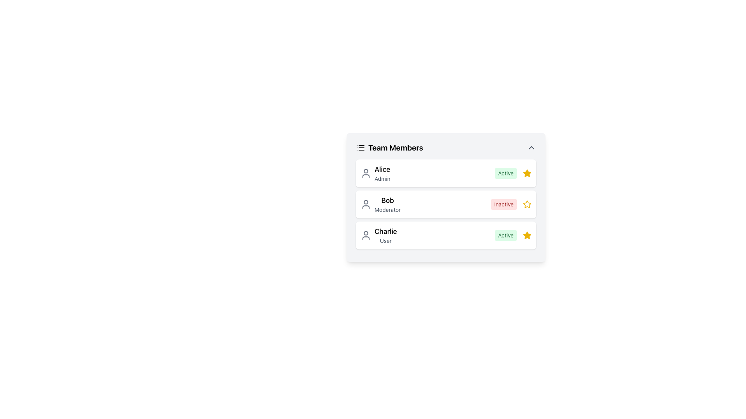 The width and height of the screenshot is (746, 419). Describe the element at coordinates (446, 235) in the screenshot. I see `the user card for 'Charlie', which is the third entry in the 'Team Members' list, positioned below 'Bob'` at that location.